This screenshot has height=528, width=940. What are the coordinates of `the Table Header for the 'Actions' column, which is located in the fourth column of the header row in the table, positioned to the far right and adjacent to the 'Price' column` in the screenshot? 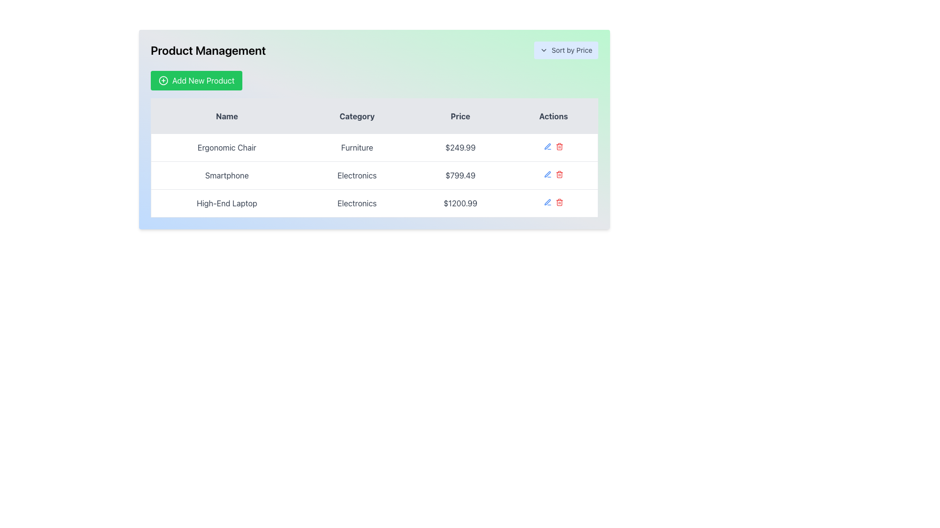 It's located at (554, 115).